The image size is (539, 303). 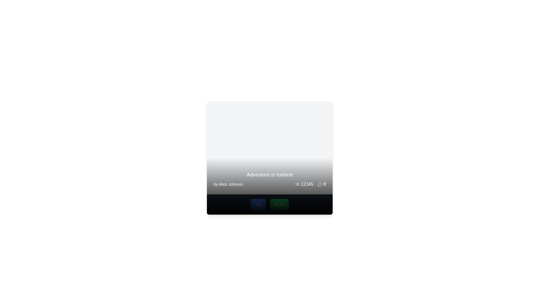 I want to click on the outer eye shape of the SVG graphic, which is styled with a neutral tone and is part of an eye icon component, so click(x=297, y=184).